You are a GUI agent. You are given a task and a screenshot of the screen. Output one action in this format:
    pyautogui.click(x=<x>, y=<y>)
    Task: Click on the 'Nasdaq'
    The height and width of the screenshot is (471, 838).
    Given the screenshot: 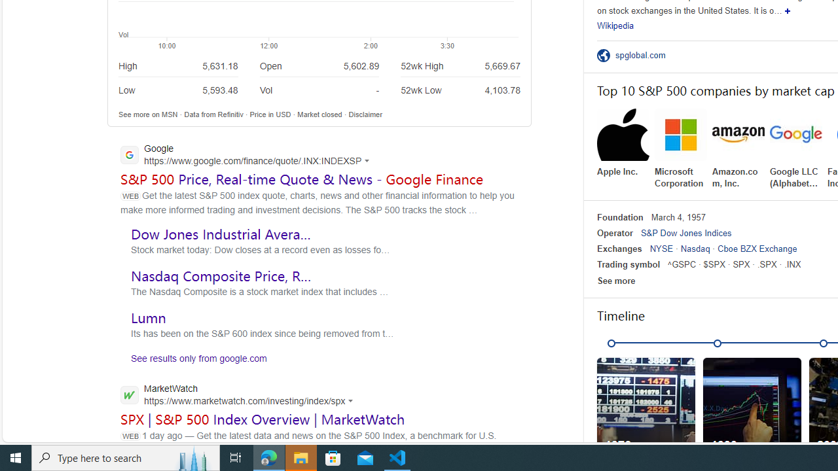 What is the action you would take?
    pyautogui.click(x=695, y=249)
    